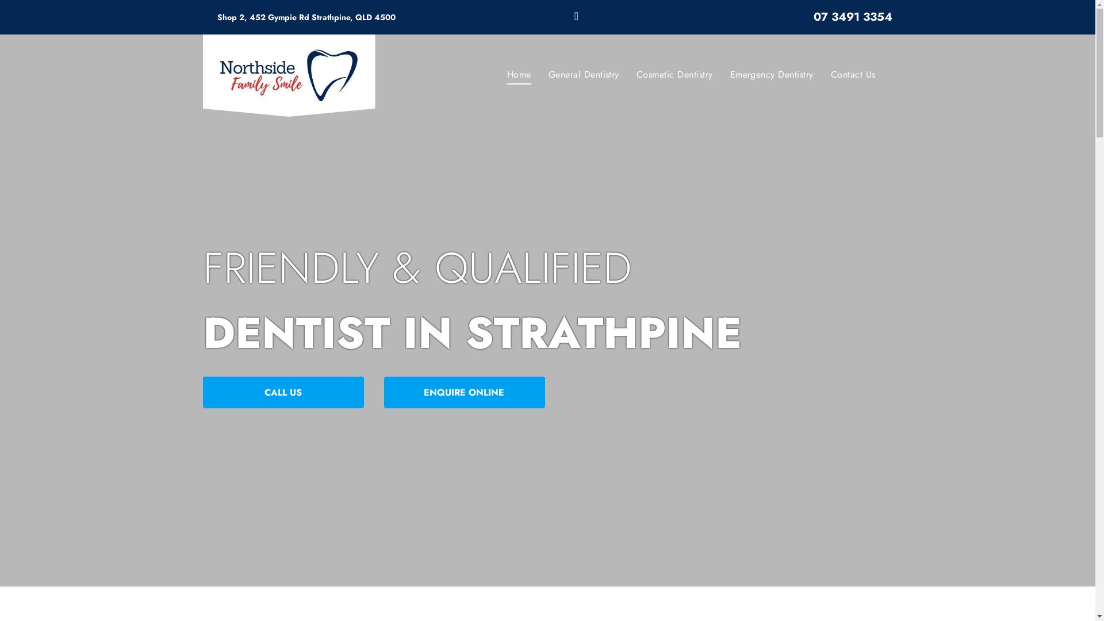  Describe the element at coordinates (853, 17) in the screenshot. I see `'07 3491 3354'` at that location.